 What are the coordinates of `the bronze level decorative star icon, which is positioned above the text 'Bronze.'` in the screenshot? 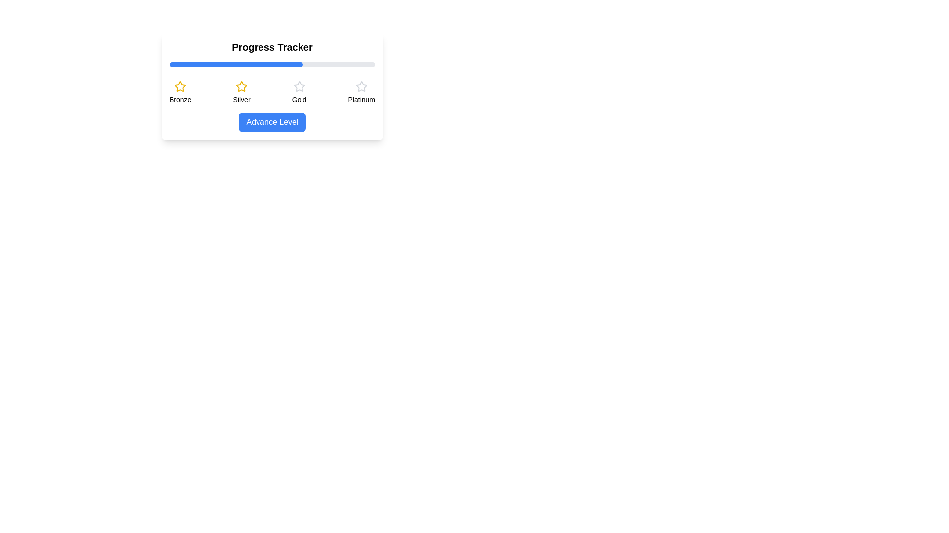 It's located at (180, 86).